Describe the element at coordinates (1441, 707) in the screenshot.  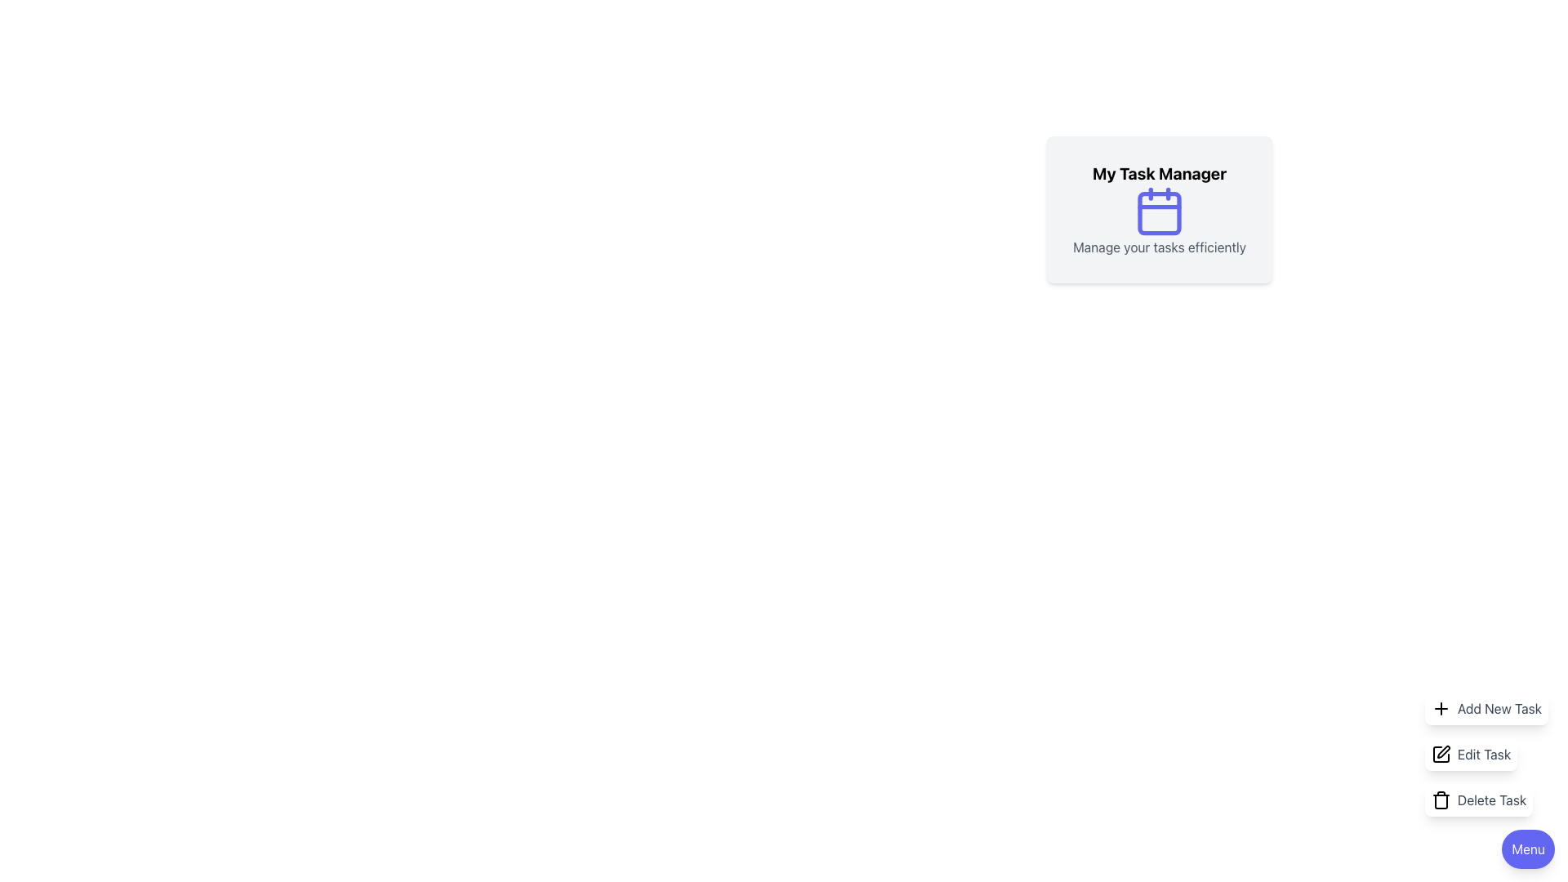
I see `the circular plus icon located to the immediate left of the 'Add New Task' button` at that location.